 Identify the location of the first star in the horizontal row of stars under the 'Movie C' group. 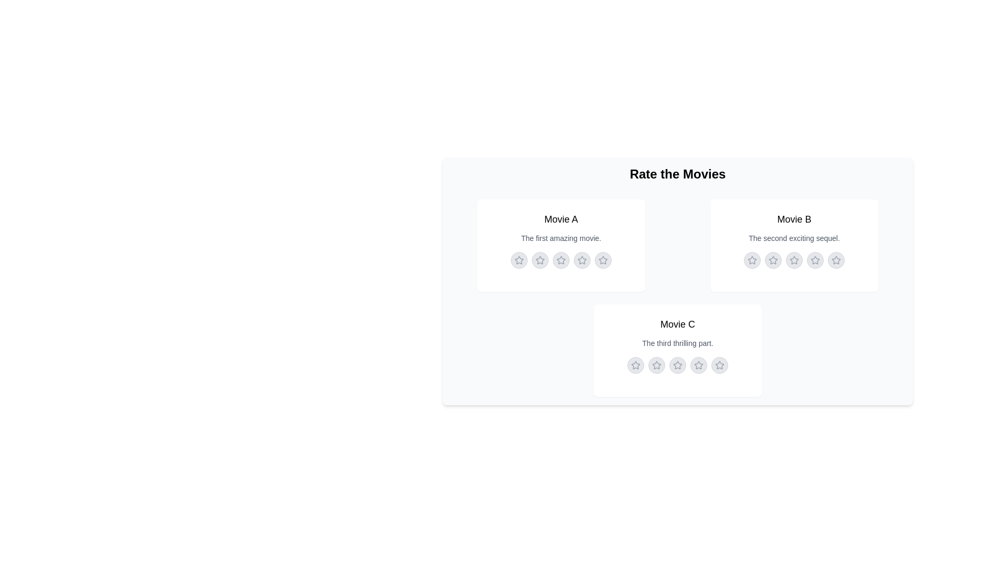
(635, 364).